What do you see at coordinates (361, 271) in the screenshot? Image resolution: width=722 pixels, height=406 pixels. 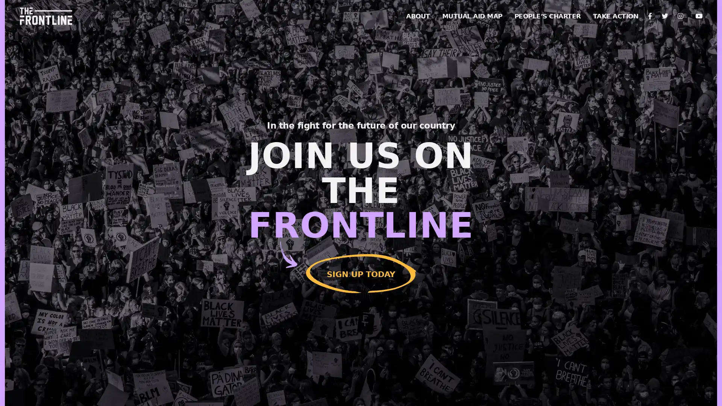 I see `SIGN UP TODAY` at bounding box center [361, 271].